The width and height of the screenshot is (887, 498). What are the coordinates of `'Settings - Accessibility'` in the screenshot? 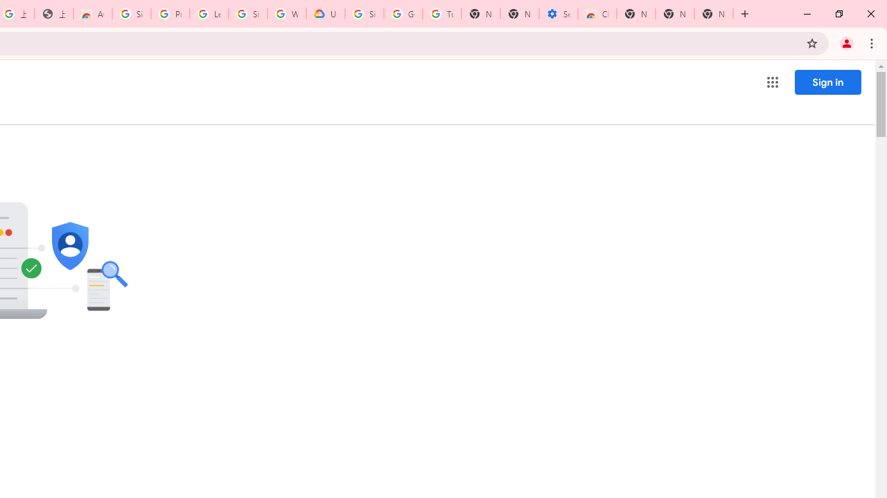 It's located at (559, 14).